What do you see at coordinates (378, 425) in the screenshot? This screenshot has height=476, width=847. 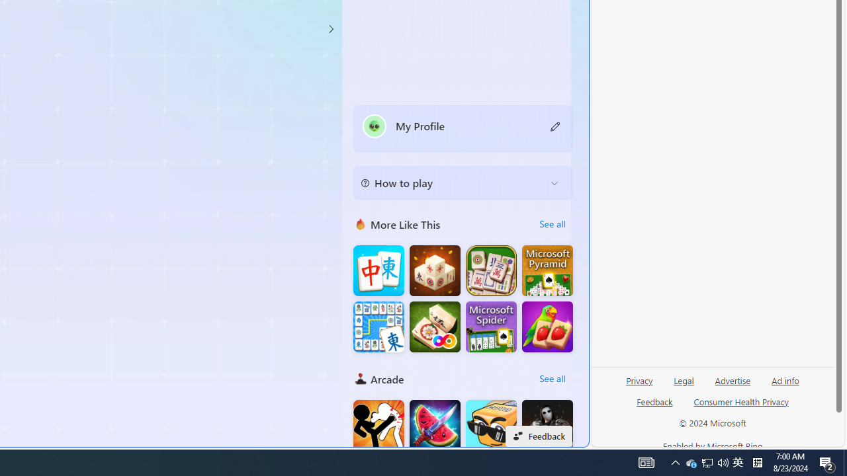 I see `'Stickman Fighter : Mega Brawl'` at bounding box center [378, 425].